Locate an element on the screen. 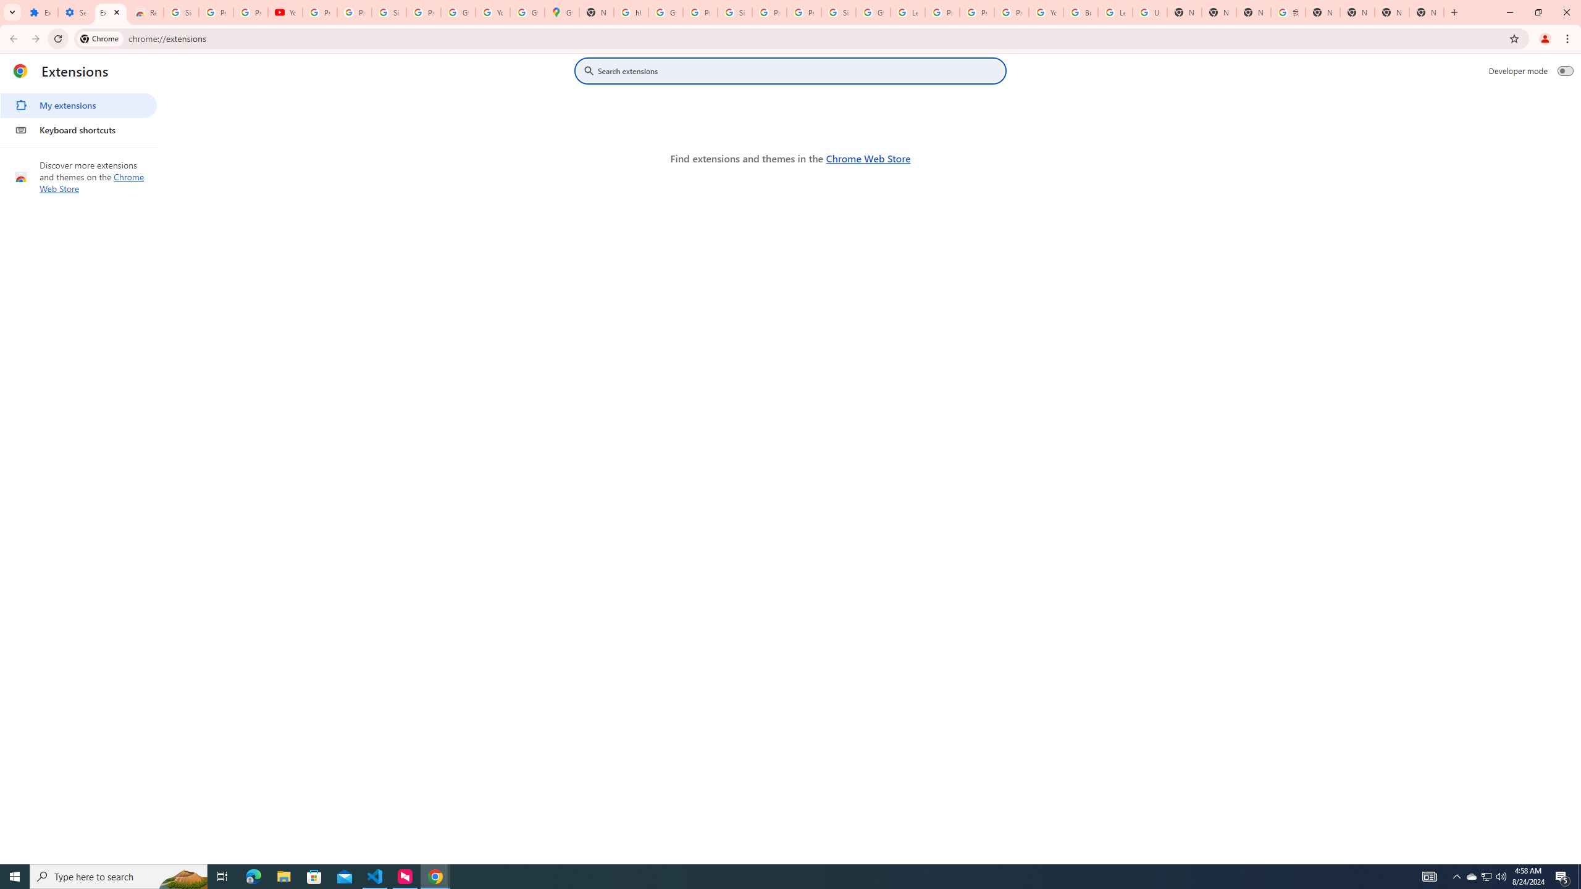 The width and height of the screenshot is (1581, 889). 'Extensions' is located at coordinates (40, 12).